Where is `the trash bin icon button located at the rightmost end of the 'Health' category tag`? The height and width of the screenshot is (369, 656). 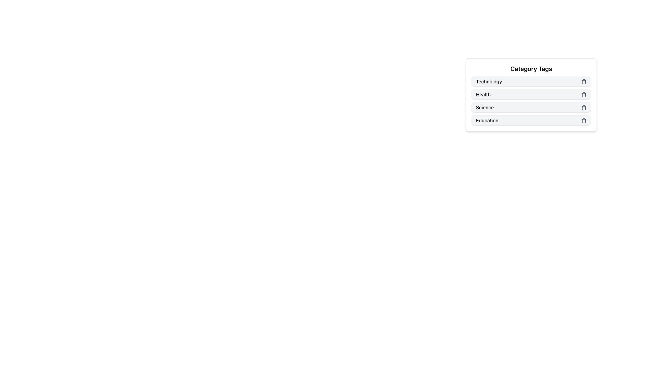 the trash bin icon button located at the rightmost end of the 'Health' category tag is located at coordinates (583, 95).